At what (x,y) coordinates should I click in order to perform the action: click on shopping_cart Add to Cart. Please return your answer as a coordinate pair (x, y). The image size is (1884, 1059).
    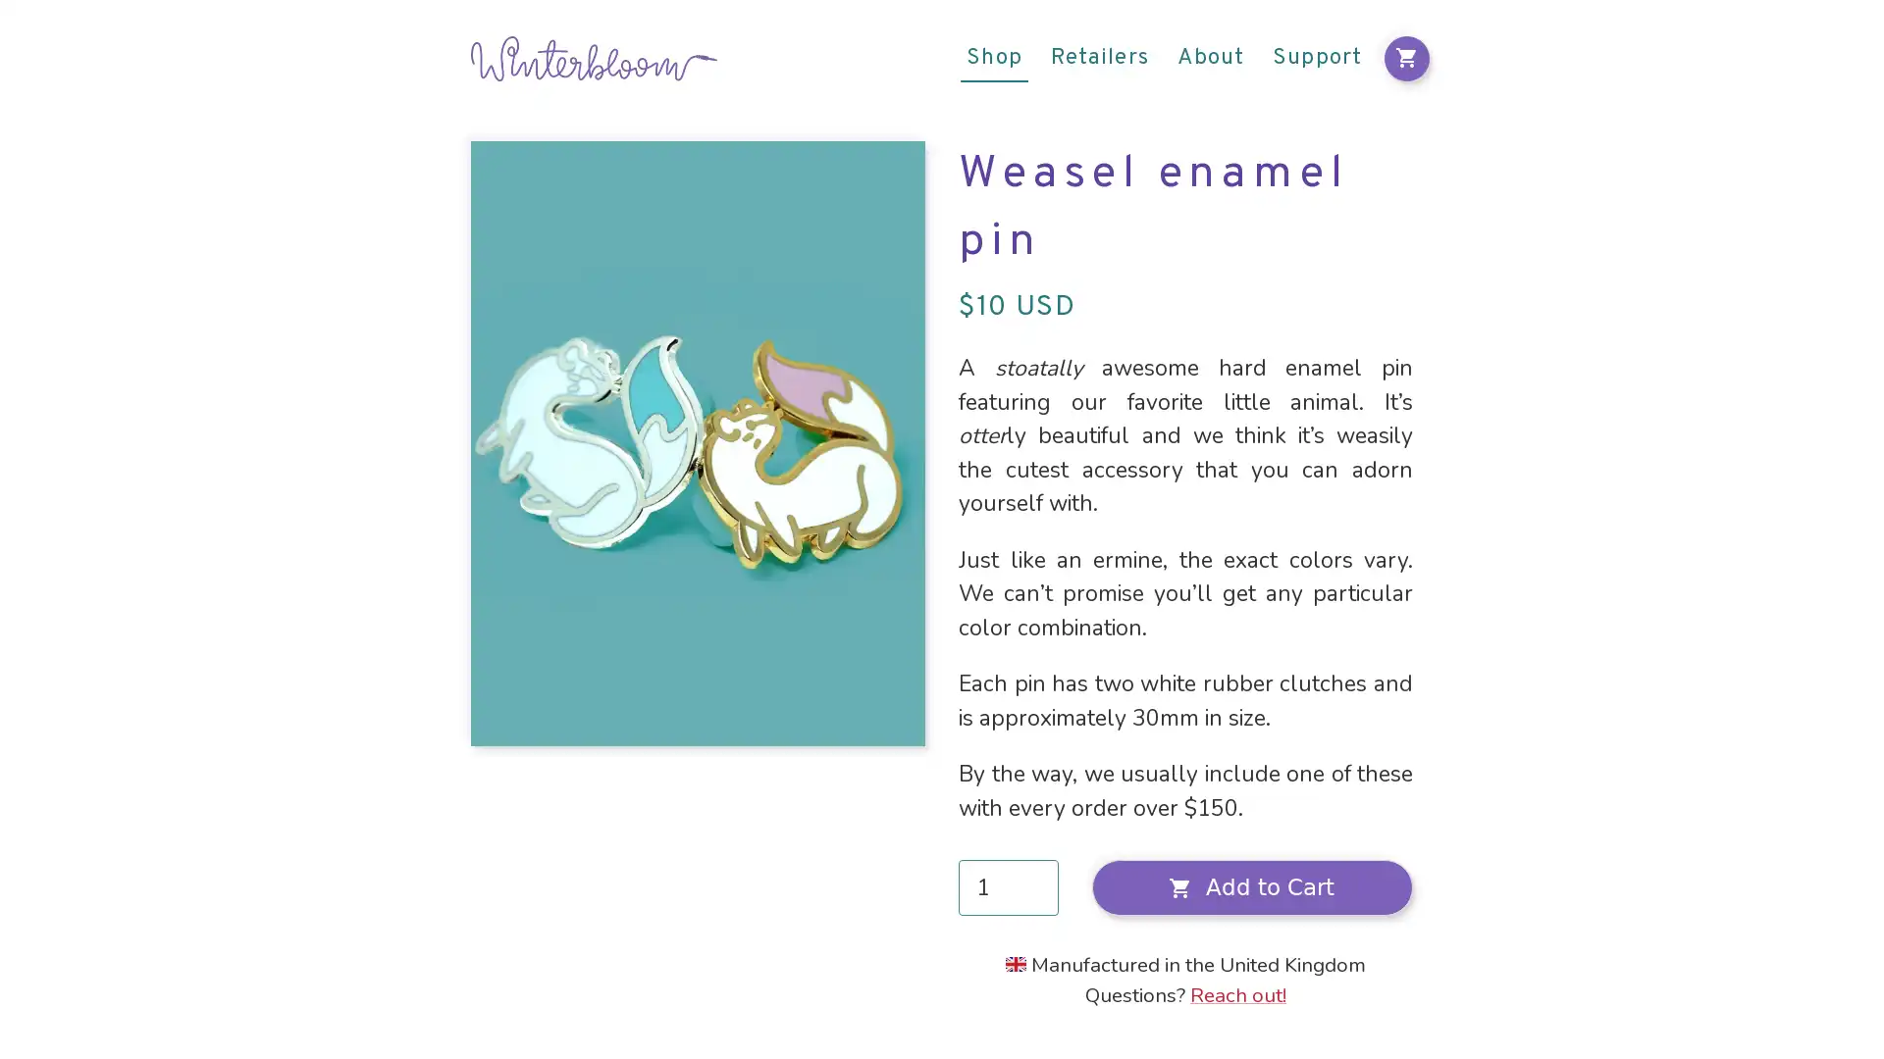
    Looking at the image, I should click on (1251, 887).